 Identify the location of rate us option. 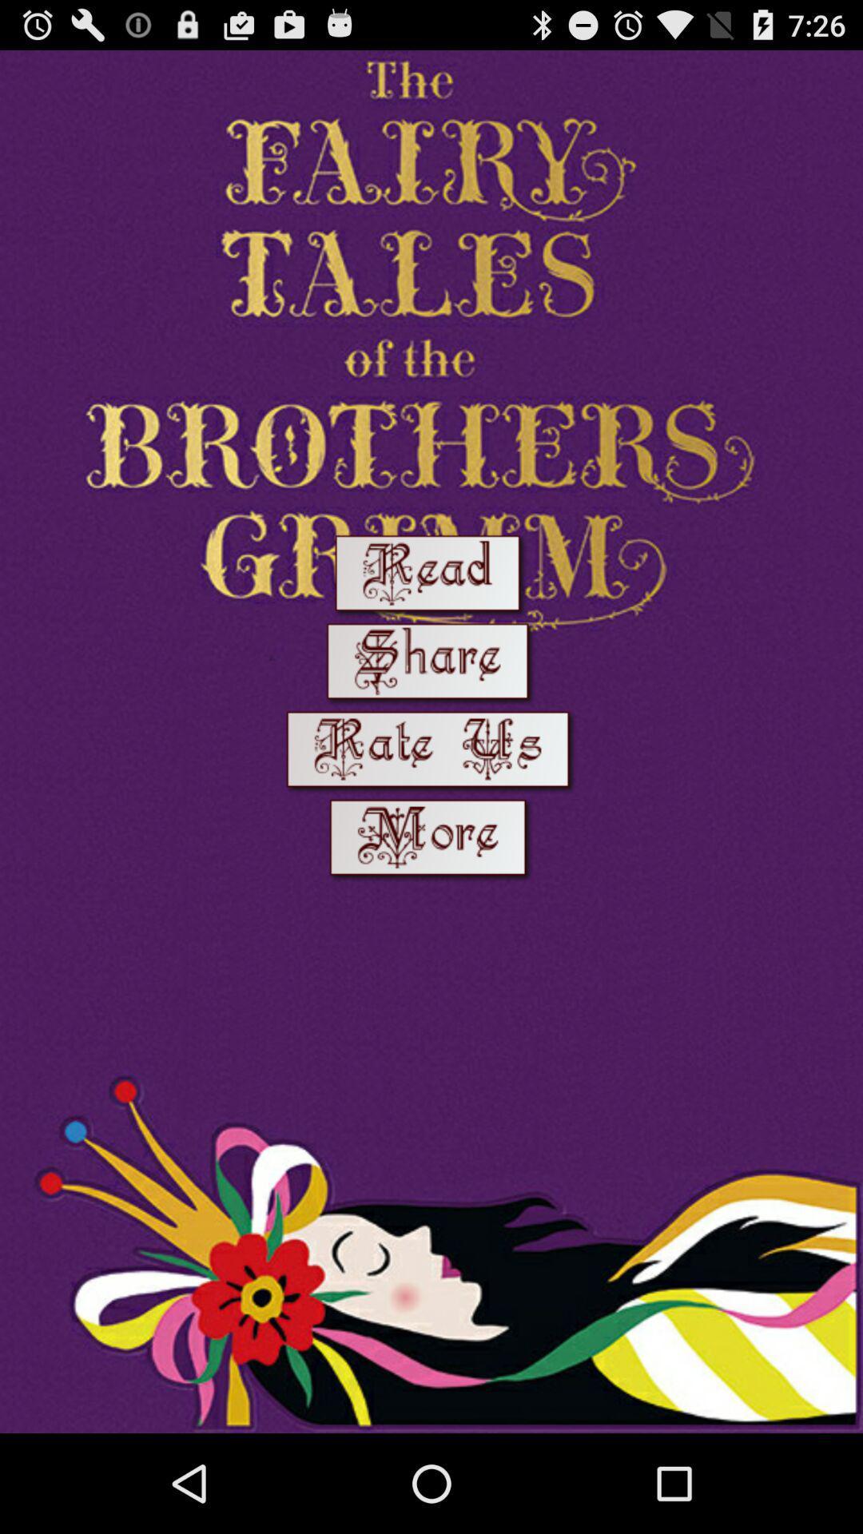
(431, 752).